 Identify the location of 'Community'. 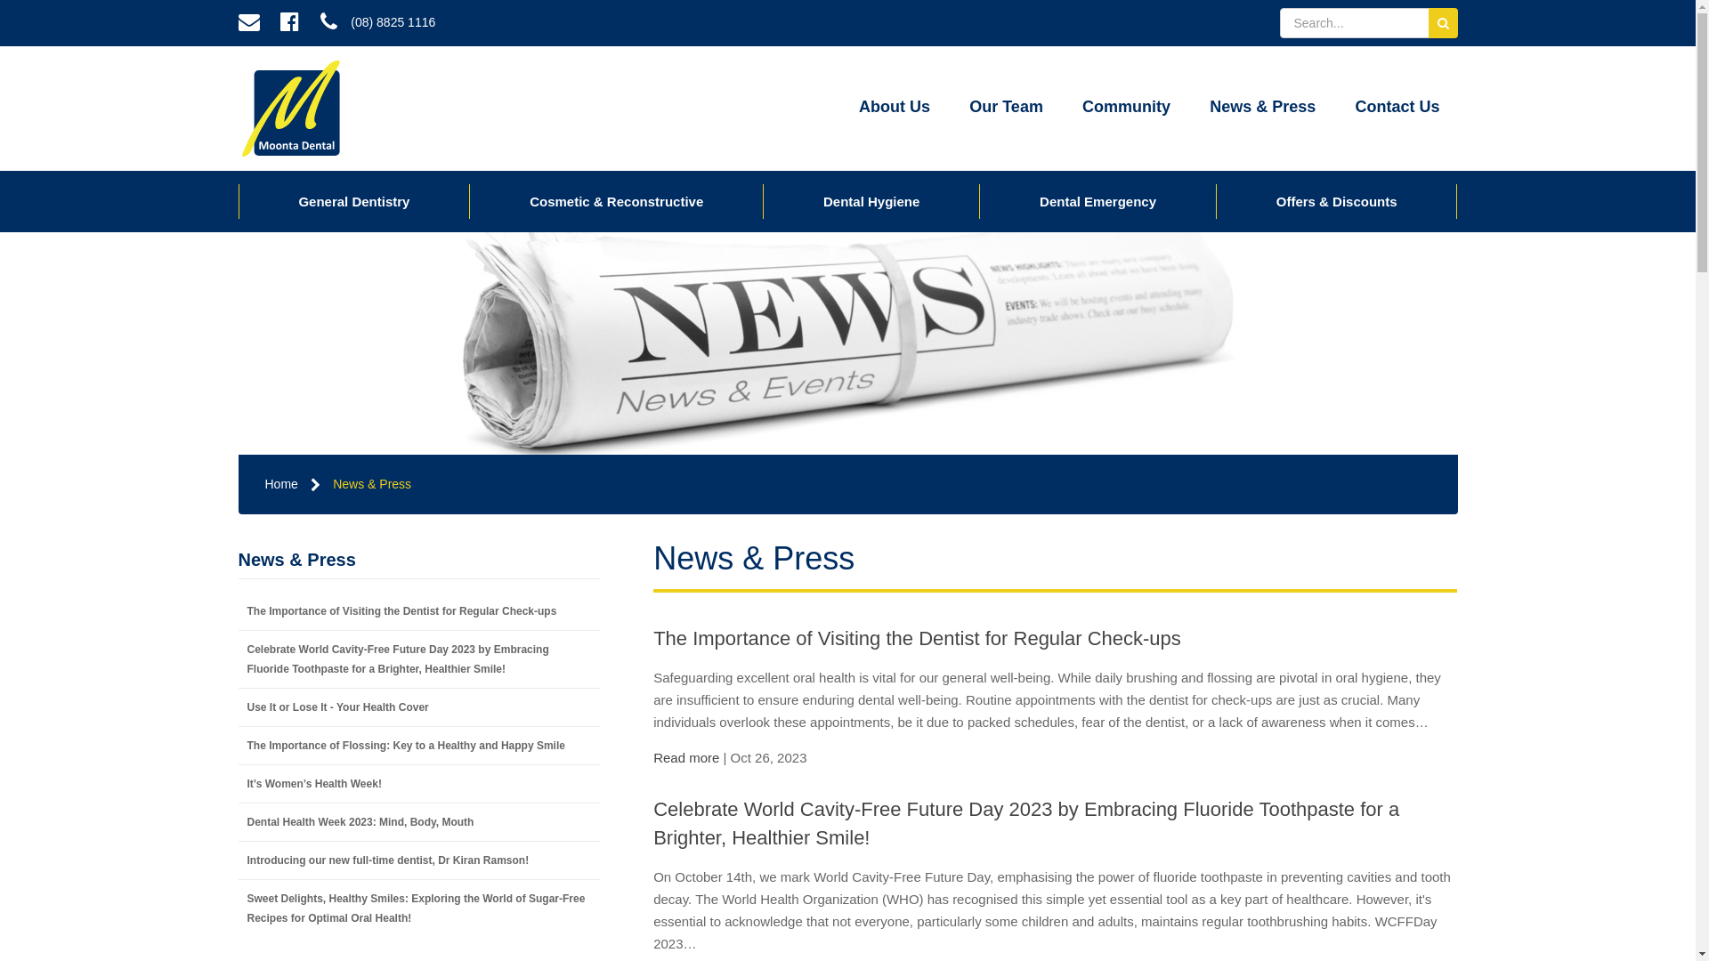
(1125, 109).